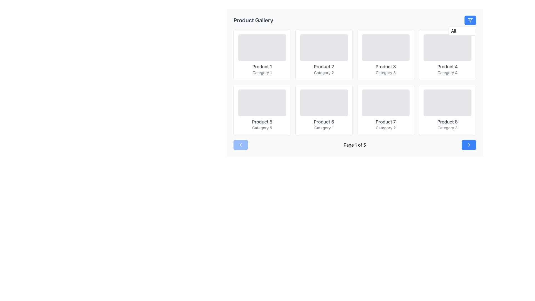 The height and width of the screenshot is (301, 535). Describe the element at coordinates (385, 66) in the screenshot. I see `text label displaying 'Product 3', which is located inside the third card in the first row of the grid layout` at that location.